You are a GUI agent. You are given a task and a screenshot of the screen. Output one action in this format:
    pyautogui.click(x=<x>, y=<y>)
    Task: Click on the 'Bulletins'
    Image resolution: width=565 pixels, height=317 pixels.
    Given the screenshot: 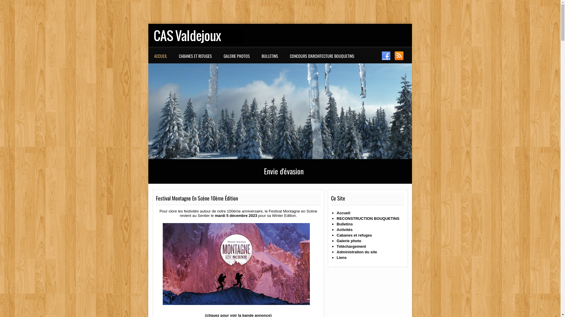 What is the action you would take?
    pyautogui.click(x=336, y=224)
    